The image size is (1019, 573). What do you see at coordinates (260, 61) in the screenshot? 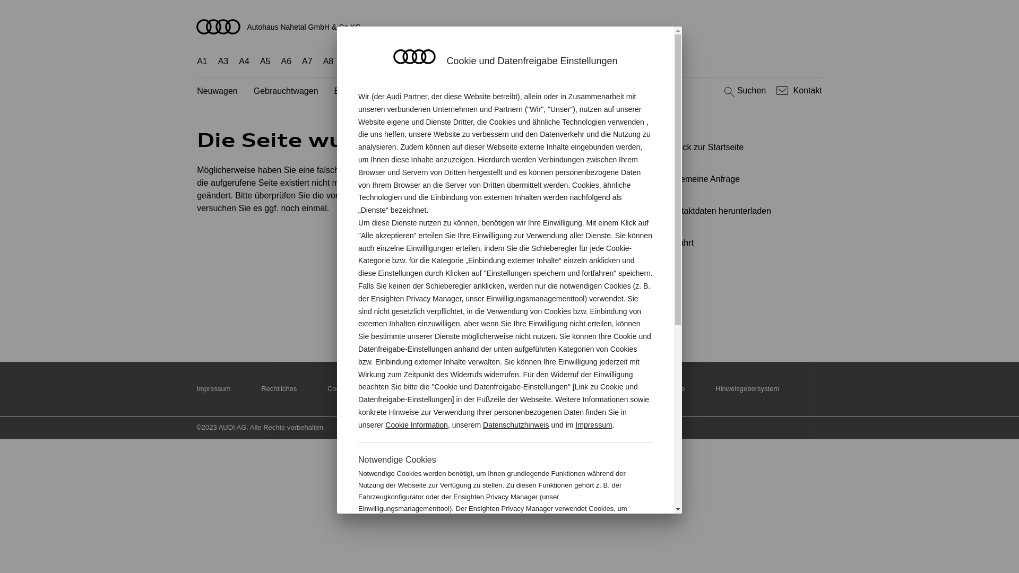
I see `'A5'` at bounding box center [260, 61].